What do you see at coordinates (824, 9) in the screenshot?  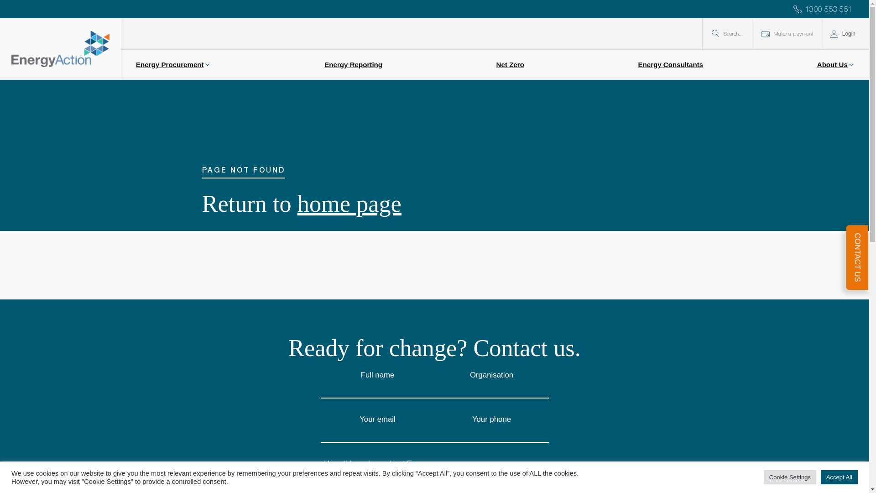 I see `'1300 553 551 '` at bounding box center [824, 9].